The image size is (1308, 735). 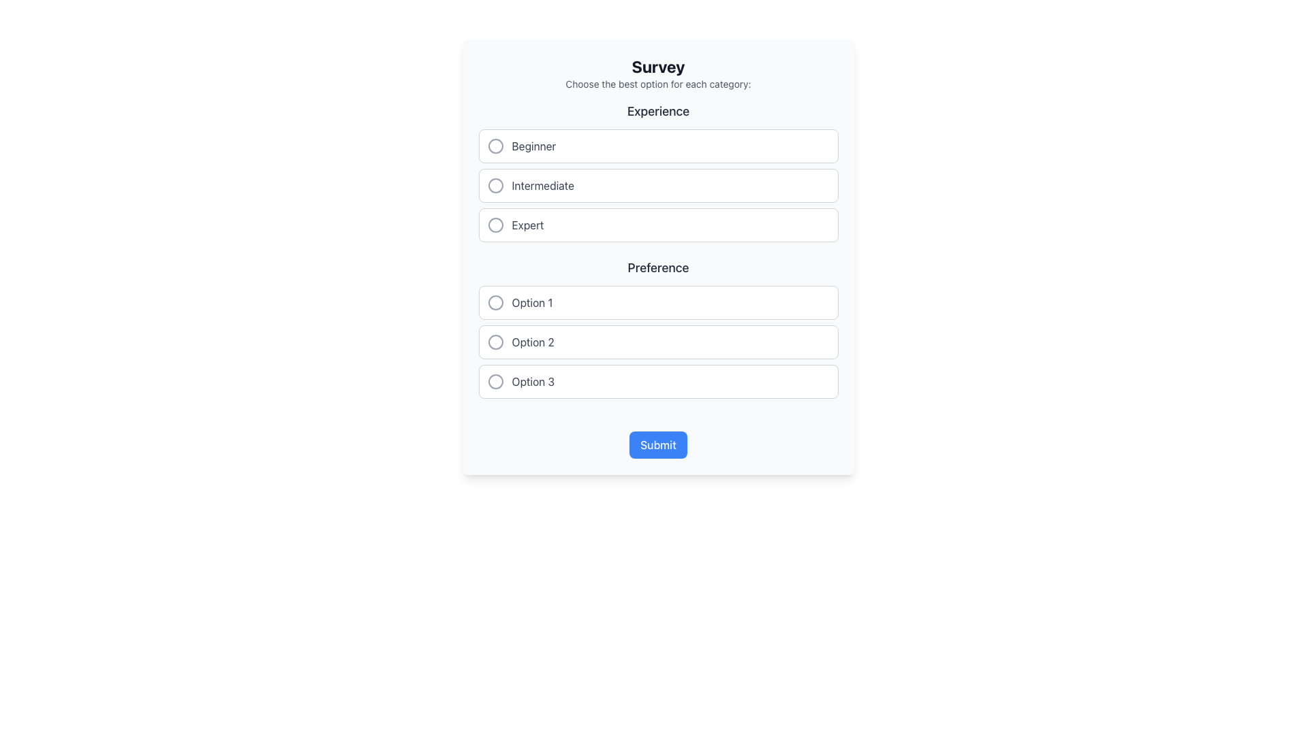 What do you see at coordinates (495, 381) in the screenshot?
I see `the unchecked radio button located to the left of 'Option 3' in the 'Preference' section` at bounding box center [495, 381].